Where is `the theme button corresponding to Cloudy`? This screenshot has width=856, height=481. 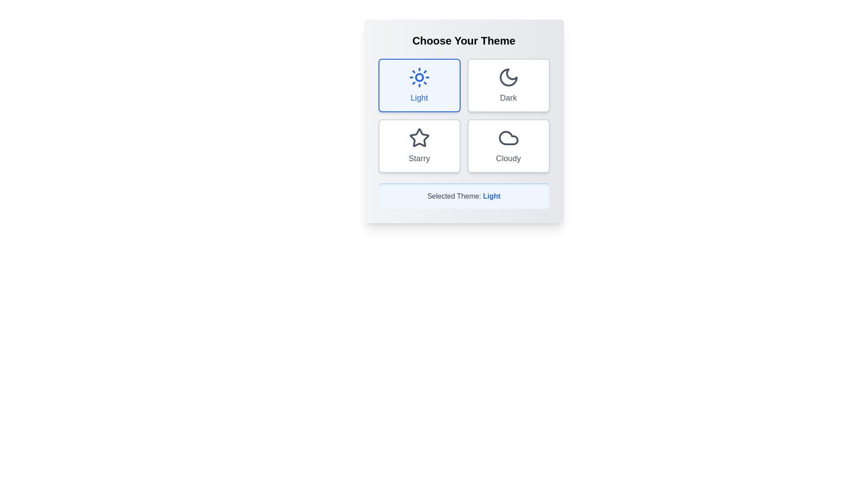
the theme button corresponding to Cloudy is located at coordinates (508, 145).